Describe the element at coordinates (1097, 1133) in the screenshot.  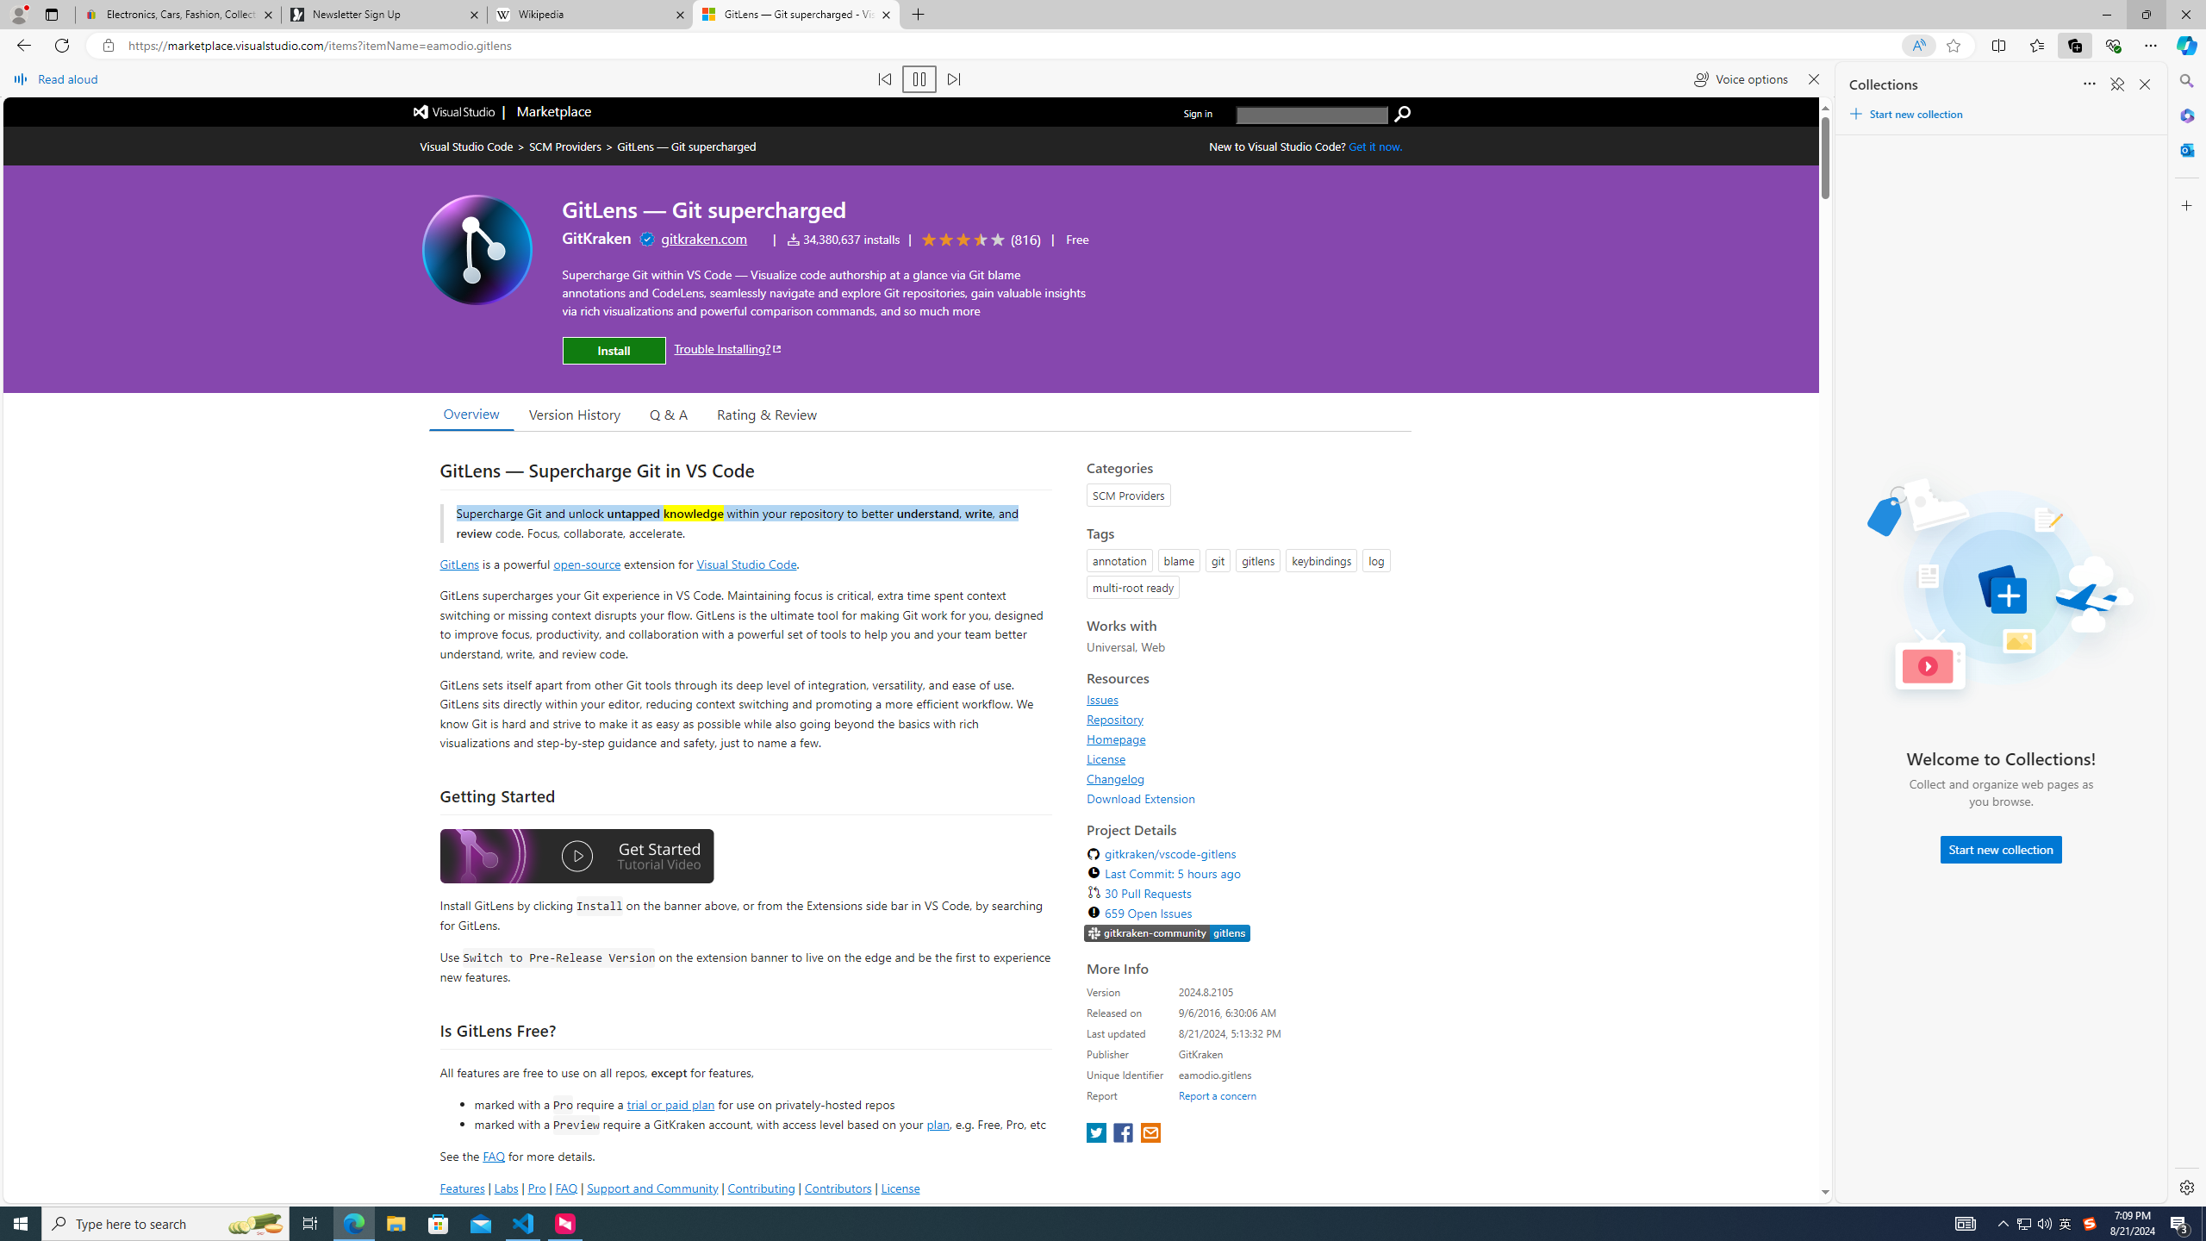
I see `'share extension on twitter'` at that location.